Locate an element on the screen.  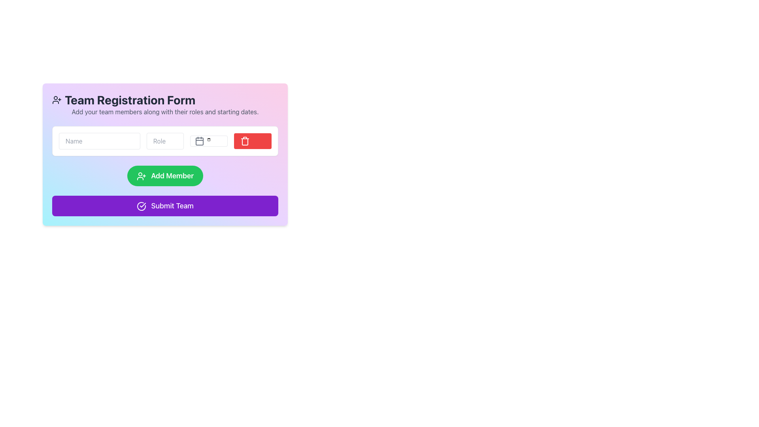
the calendar icon that indicates the adjacent input field accepts date-type data is located at coordinates (200, 141).